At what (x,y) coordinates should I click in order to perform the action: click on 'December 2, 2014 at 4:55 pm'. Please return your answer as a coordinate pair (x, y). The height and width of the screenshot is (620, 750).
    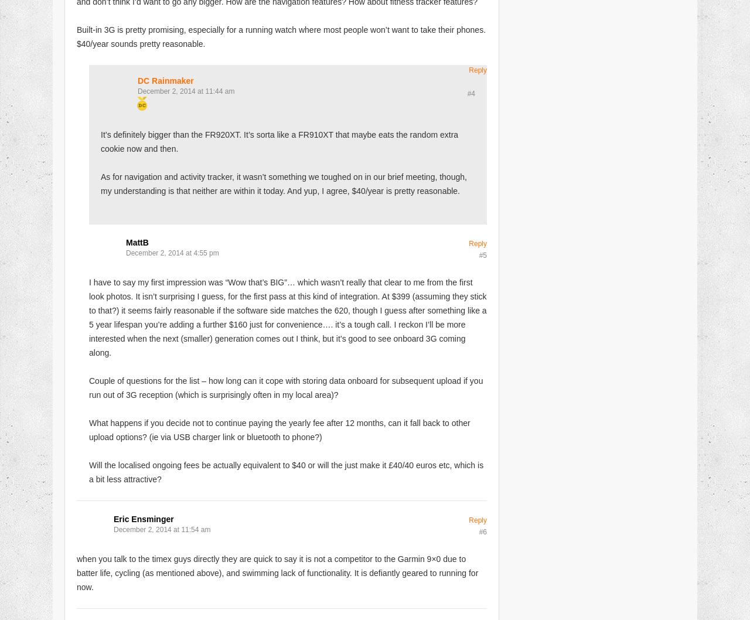
    Looking at the image, I should click on (172, 253).